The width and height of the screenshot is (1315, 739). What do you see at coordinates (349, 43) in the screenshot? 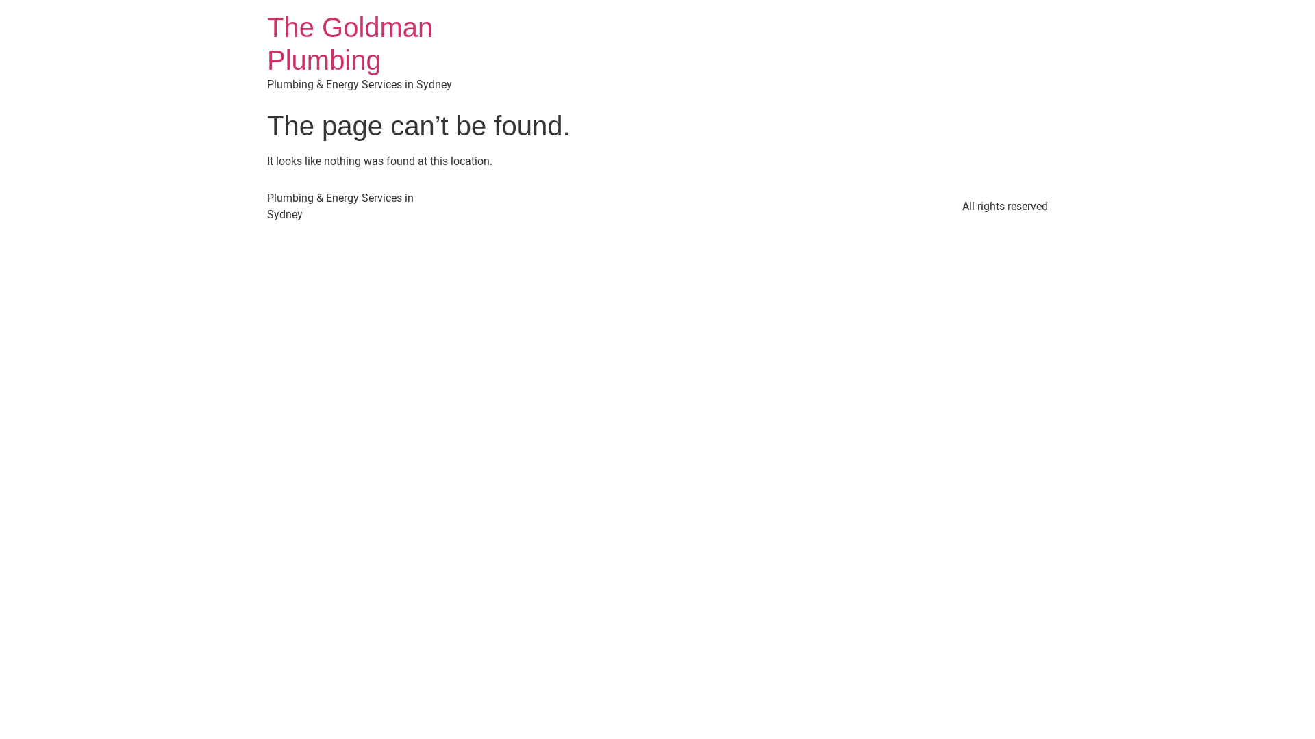
I see `'The Goldman Plumbing'` at bounding box center [349, 43].